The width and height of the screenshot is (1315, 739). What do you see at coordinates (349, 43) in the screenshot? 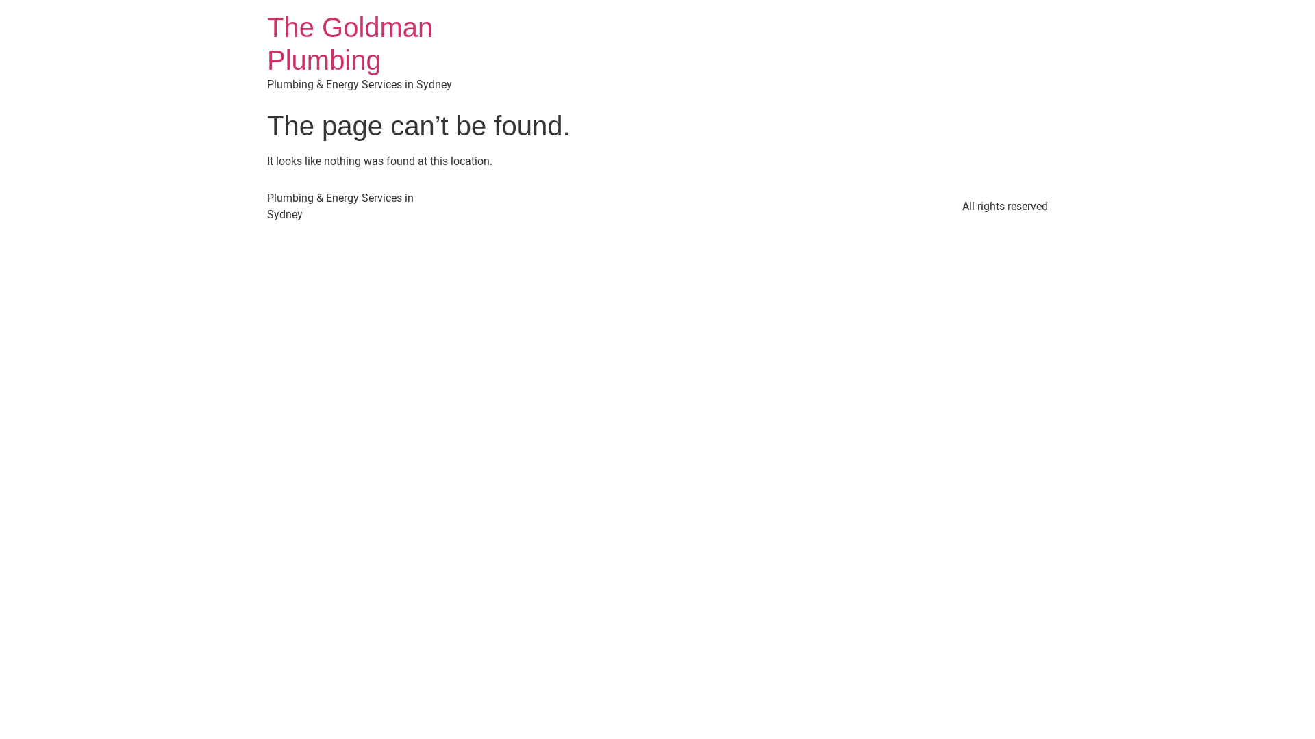
I see `'The Goldman Plumbing'` at bounding box center [349, 43].